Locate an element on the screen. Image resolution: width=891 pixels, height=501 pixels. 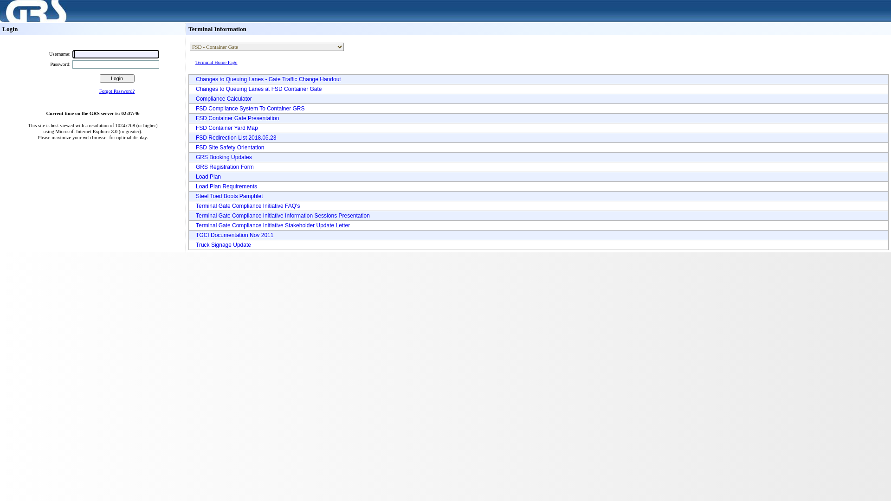
'TGCI Documentation Nov 2011' is located at coordinates (191, 234).